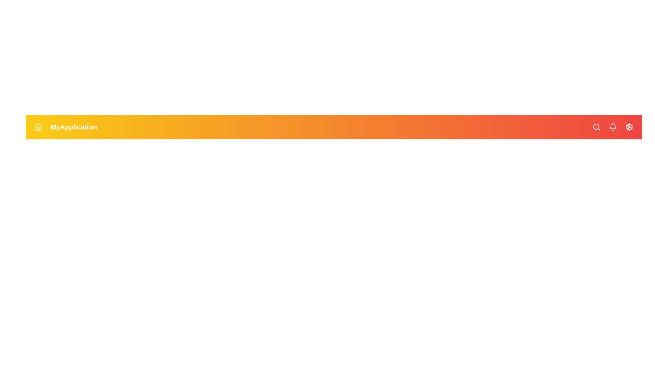 The height and width of the screenshot is (368, 655). What do you see at coordinates (613, 127) in the screenshot?
I see `the notification button, which is a rounded square with a bell icon, located as the third icon in the navigation bar, between the search icon and settings cogwheel` at bounding box center [613, 127].